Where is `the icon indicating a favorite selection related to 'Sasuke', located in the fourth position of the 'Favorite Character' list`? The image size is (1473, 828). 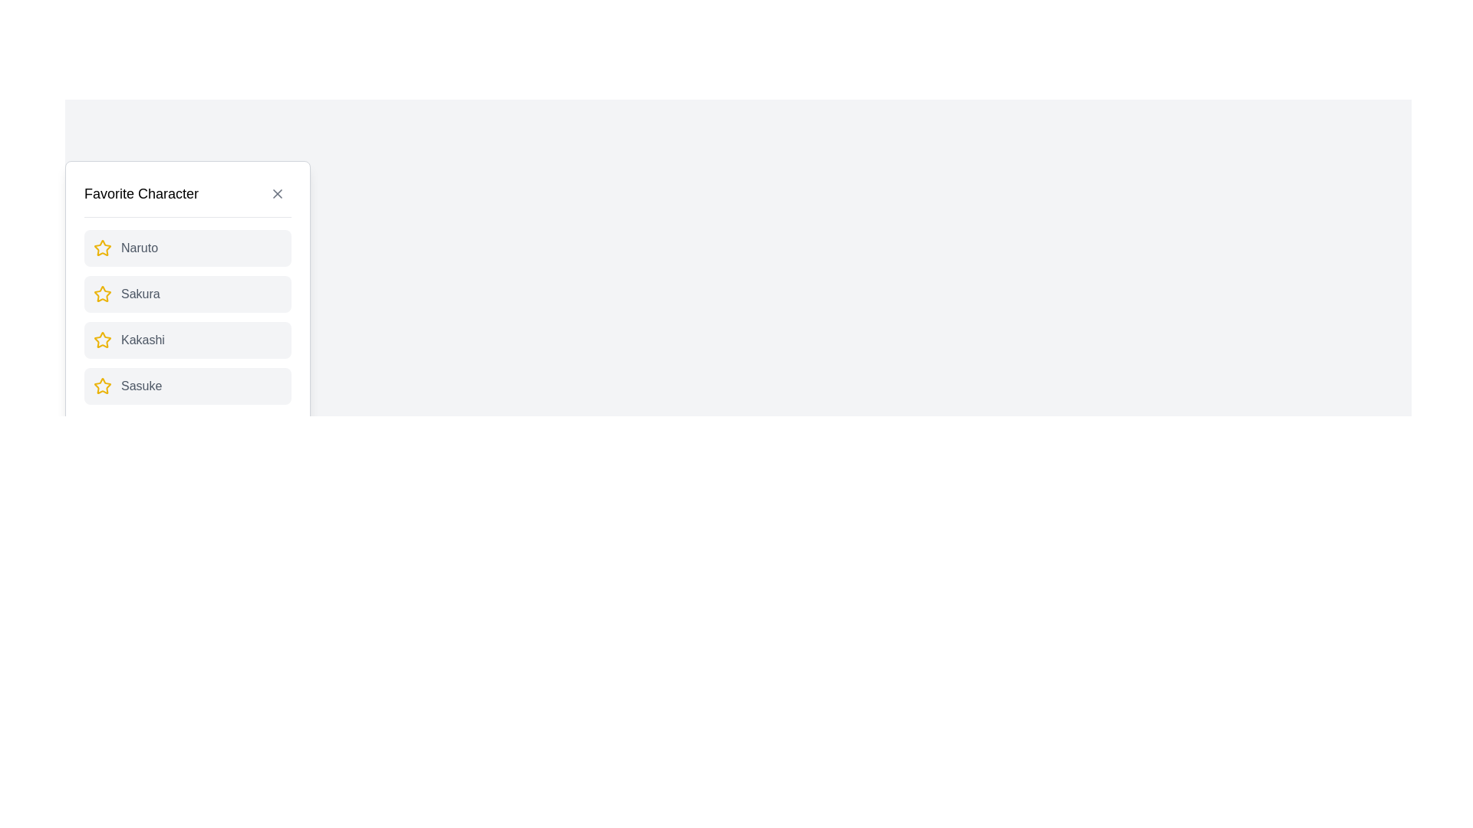
the icon indicating a favorite selection related to 'Sasuke', located in the fourth position of the 'Favorite Character' list is located at coordinates (102, 386).